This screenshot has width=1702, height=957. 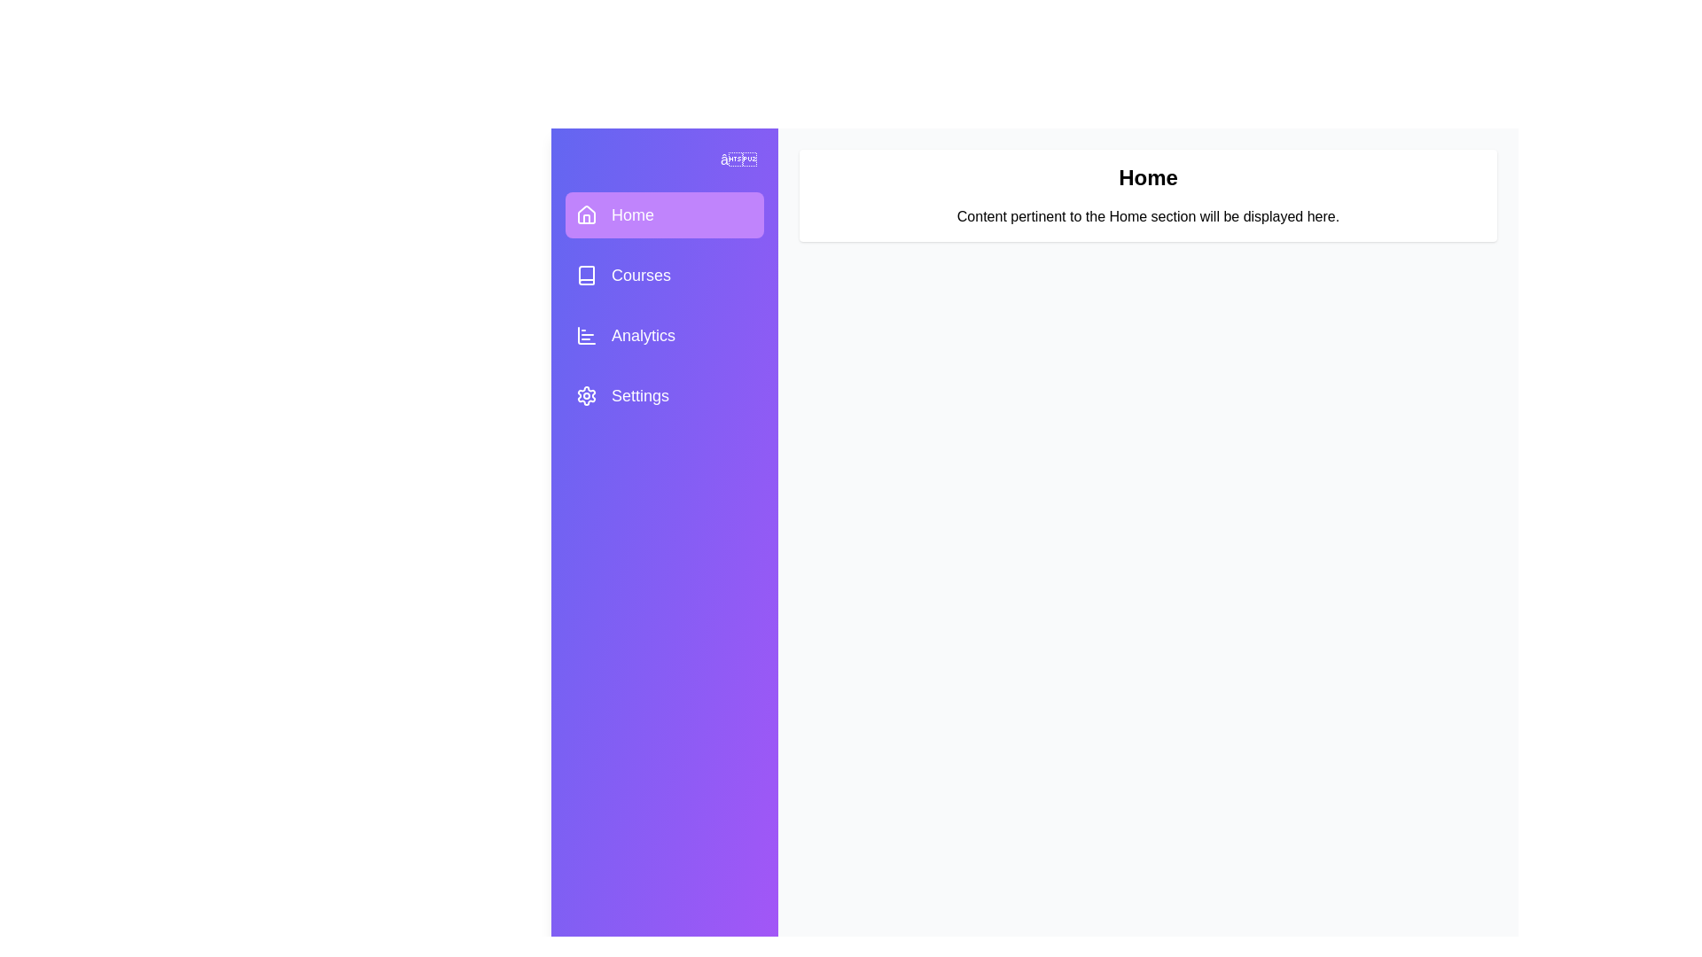 I want to click on the Courses tab to view its content, so click(x=663, y=276).